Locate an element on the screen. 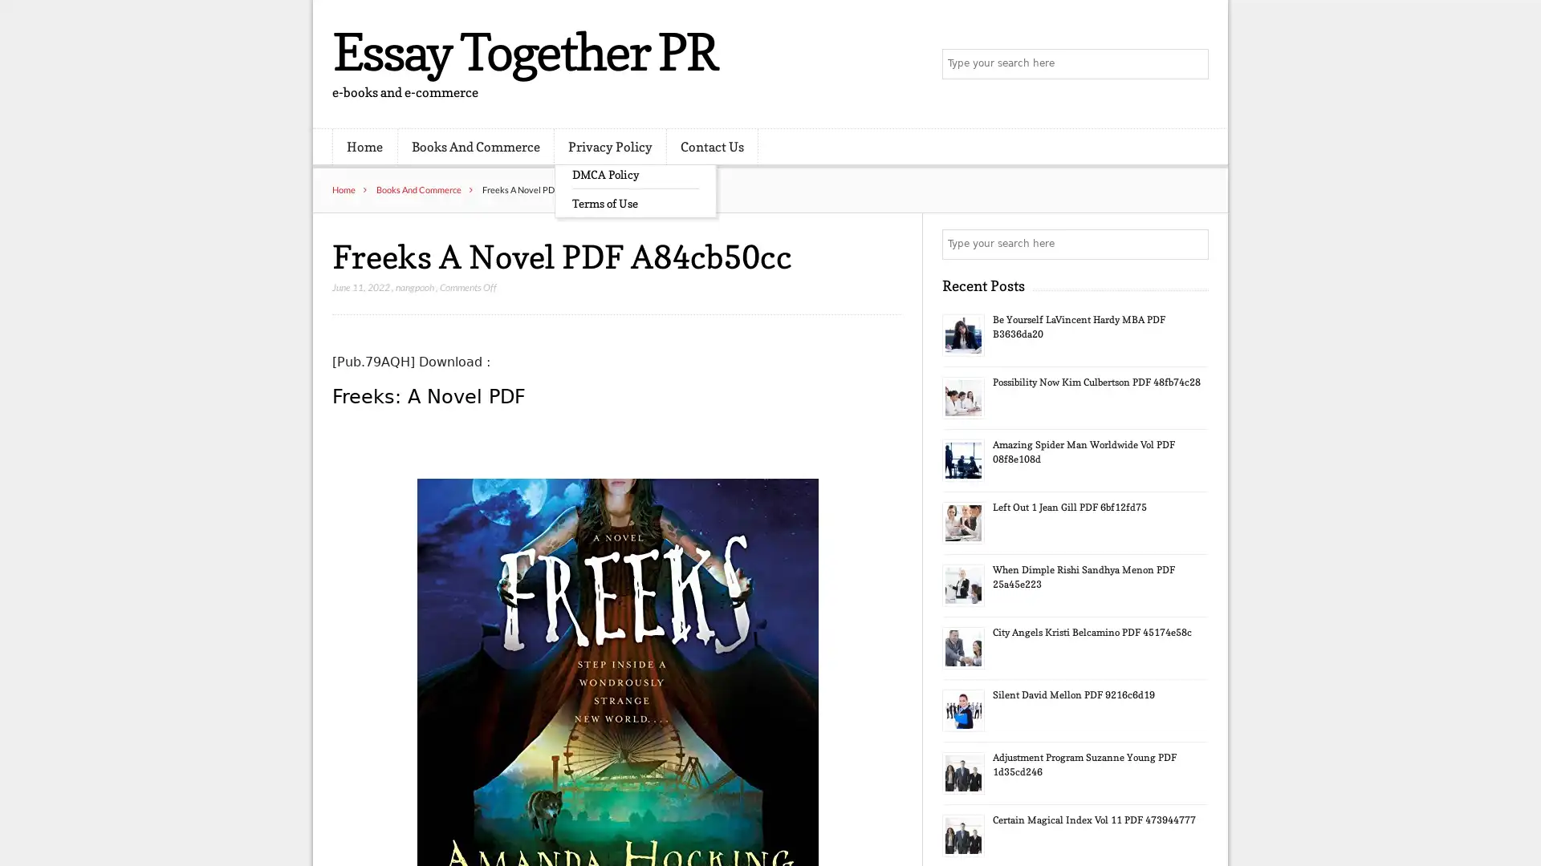 This screenshot has height=866, width=1541. Search is located at coordinates (1192, 244).